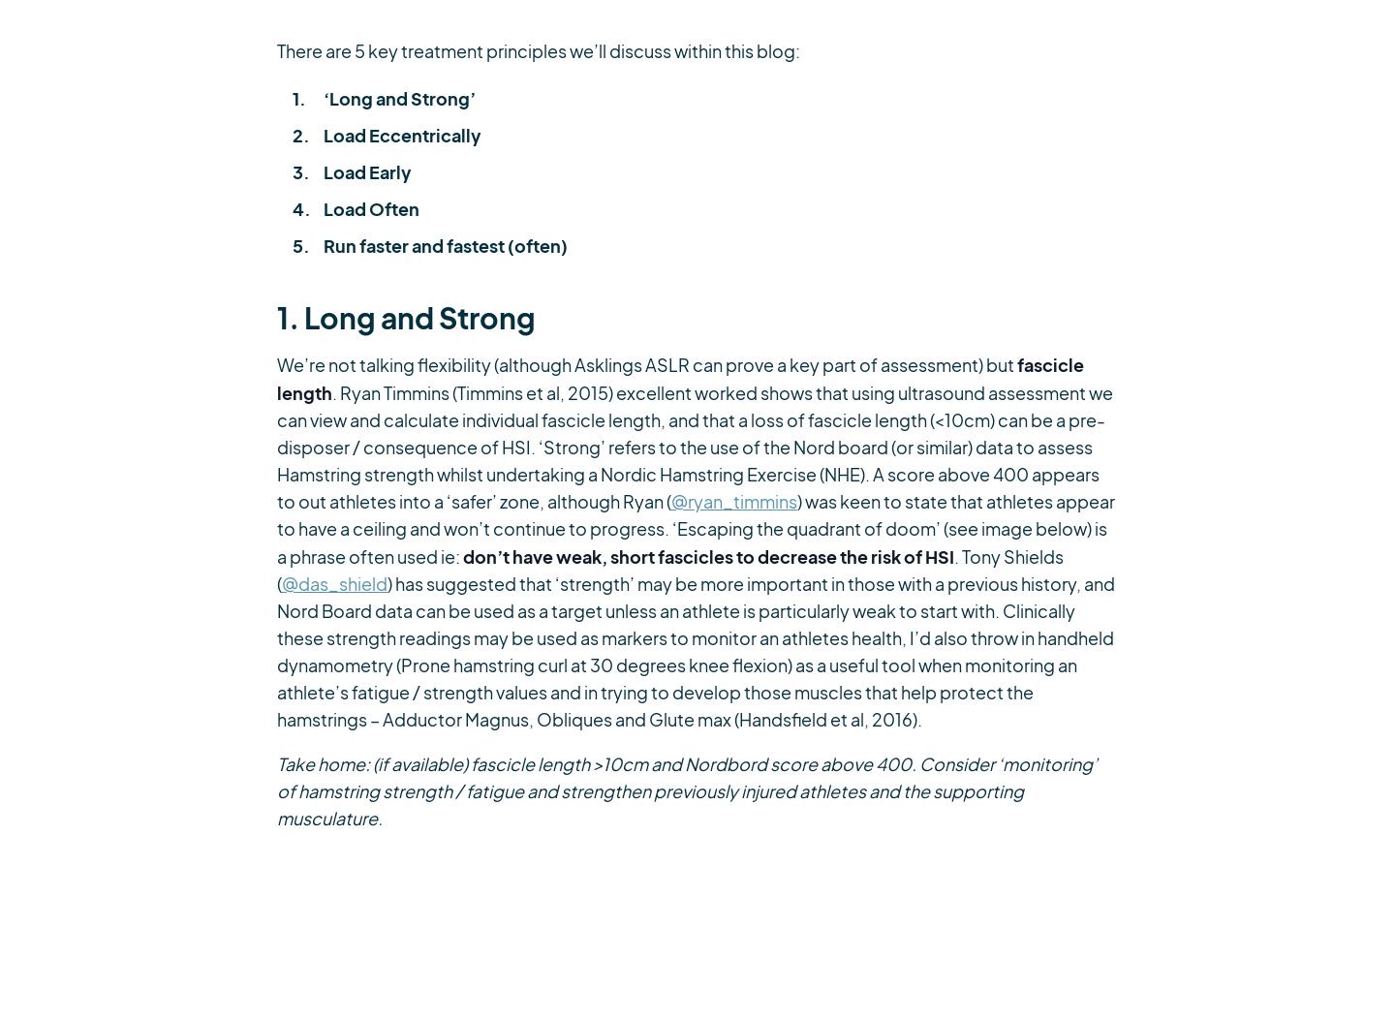  Describe the element at coordinates (680, 376) in the screenshot. I see `'fascicle length'` at that location.